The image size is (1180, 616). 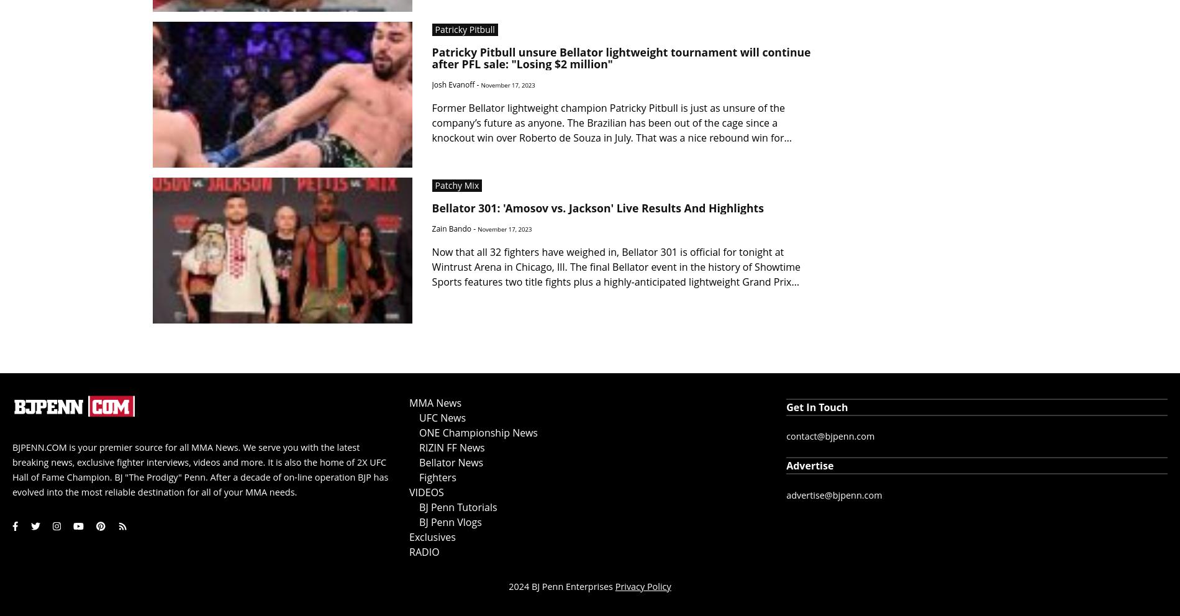 What do you see at coordinates (450, 521) in the screenshot?
I see `'BJ Penn Vlogs'` at bounding box center [450, 521].